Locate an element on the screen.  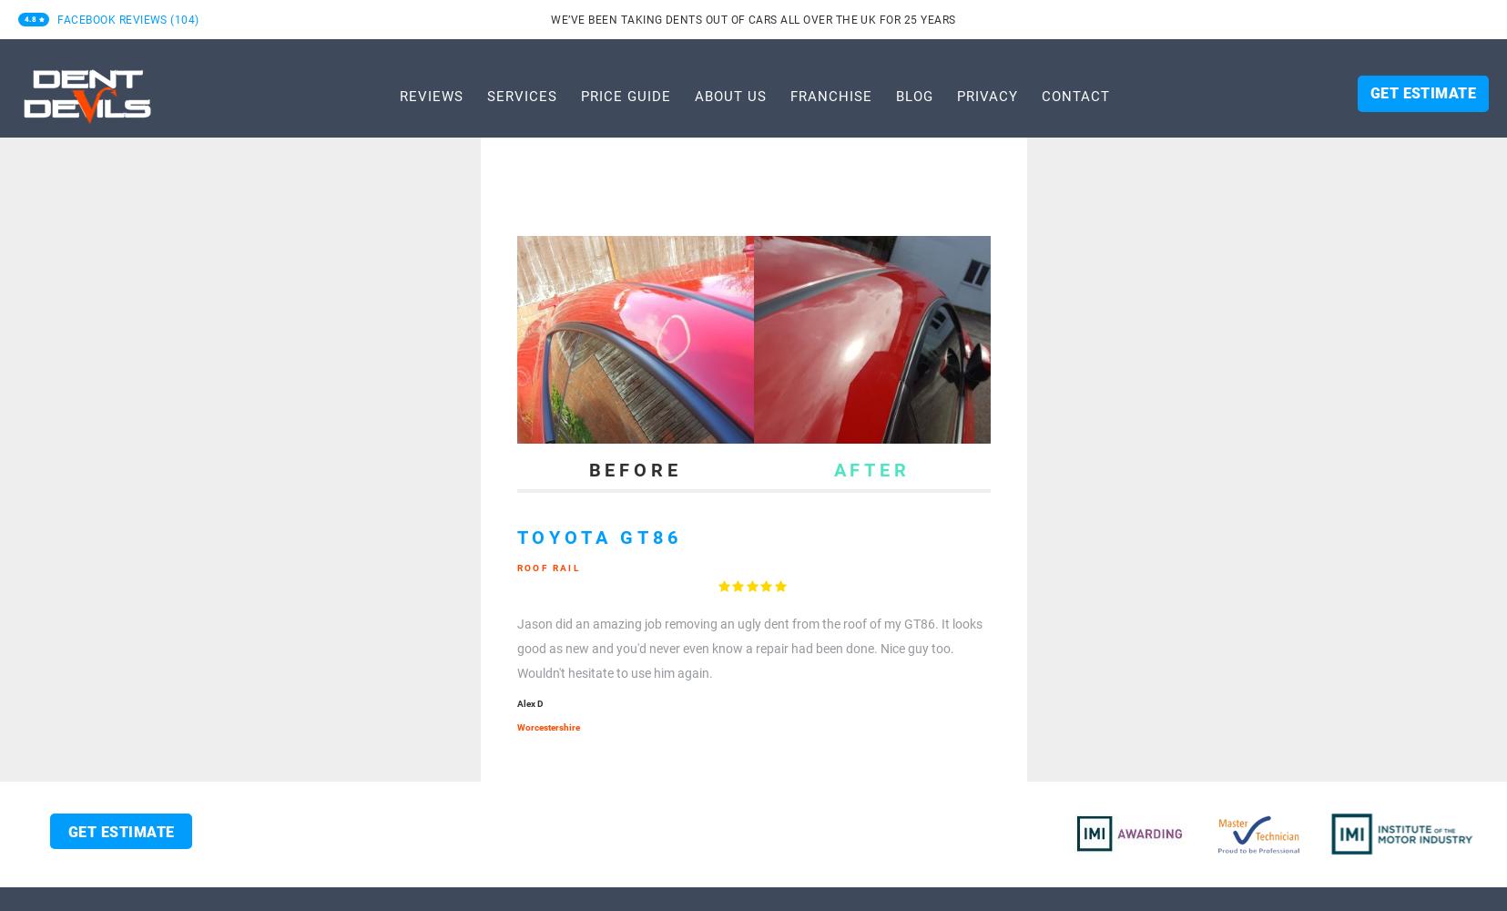
'4.8' is located at coordinates (23, 19).